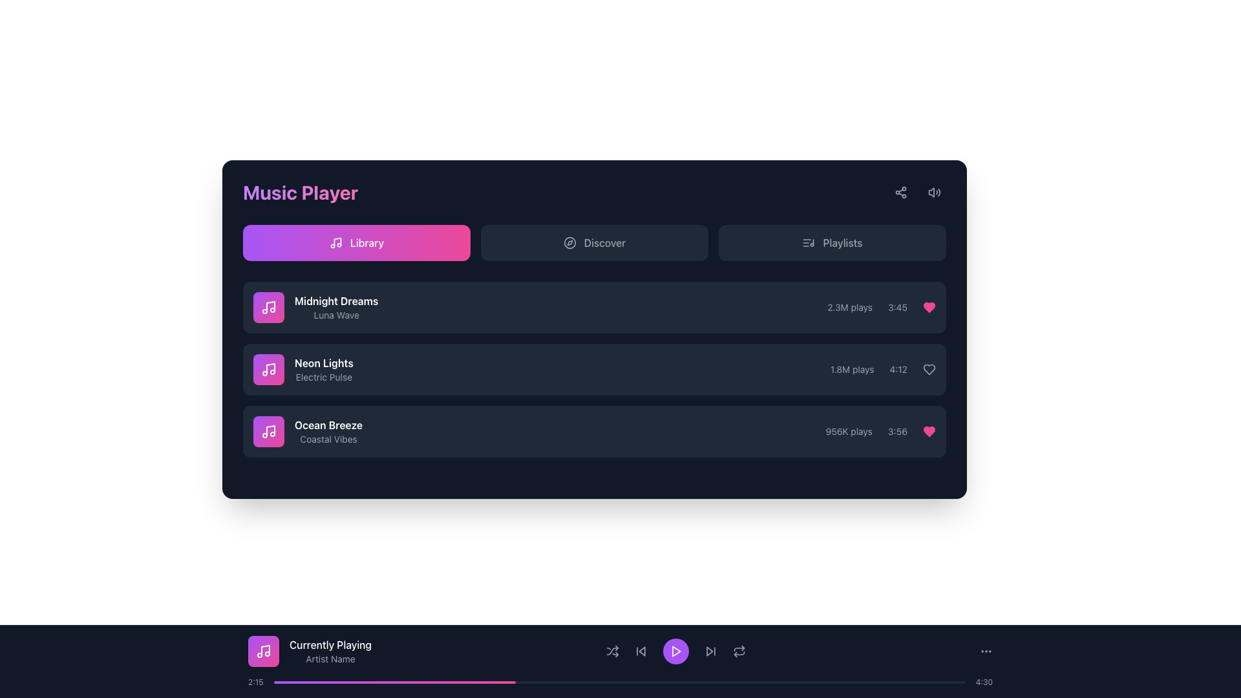 The image size is (1241, 698). I want to click on the text label indicating the current playback time, which is positioned to the far left of the playback controls section, so click(255, 682).